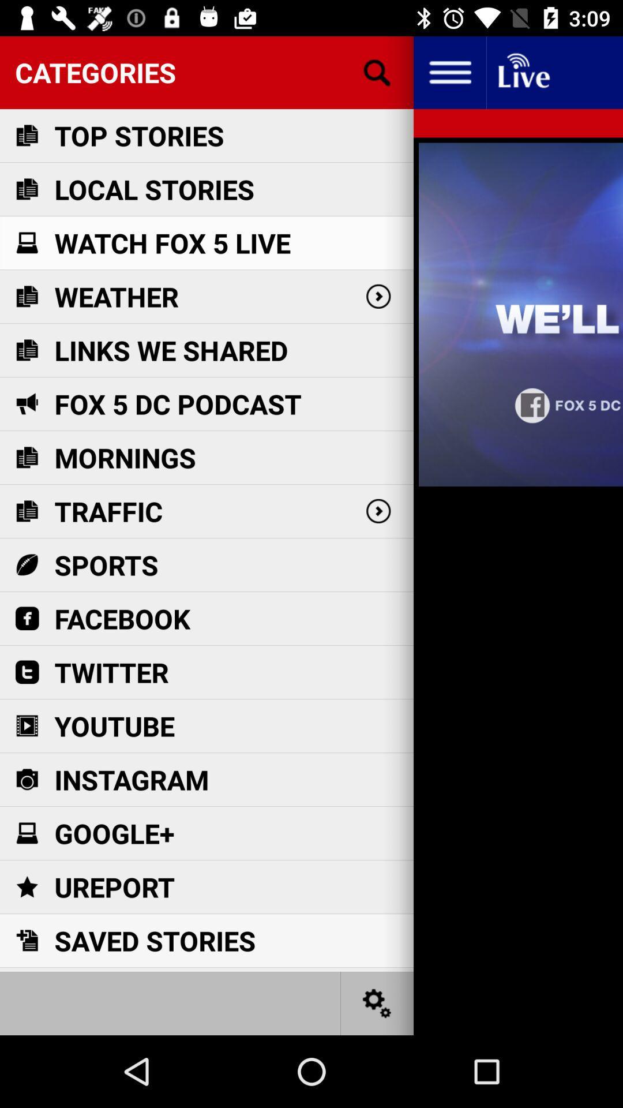 Image resolution: width=623 pixels, height=1108 pixels. Describe the element at coordinates (523, 72) in the screenshot. I see `live stream button` at that location.